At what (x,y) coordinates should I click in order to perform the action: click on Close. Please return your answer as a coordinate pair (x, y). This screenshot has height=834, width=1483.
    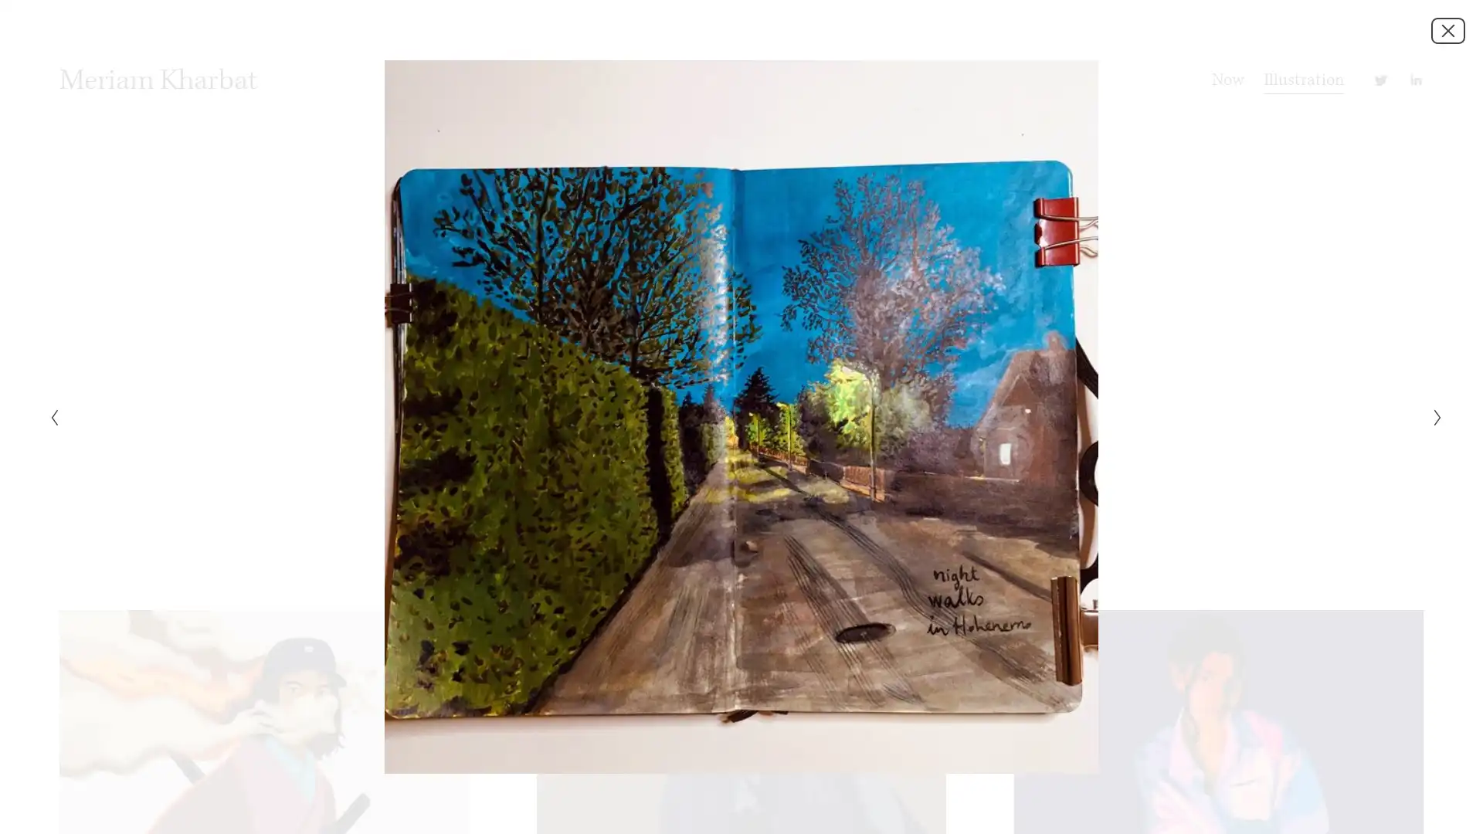
    Looking at the image, I should click on (1447, 29).